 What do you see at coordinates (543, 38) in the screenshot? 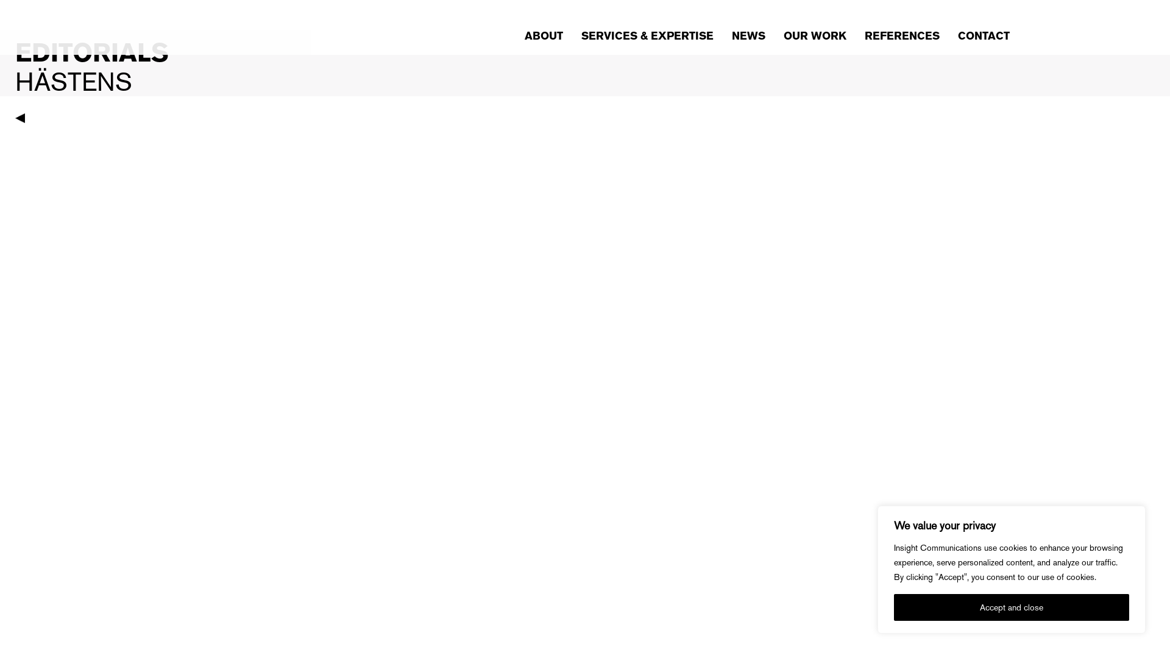
I see `'ABOUT'` at bounding box center [543, 38].